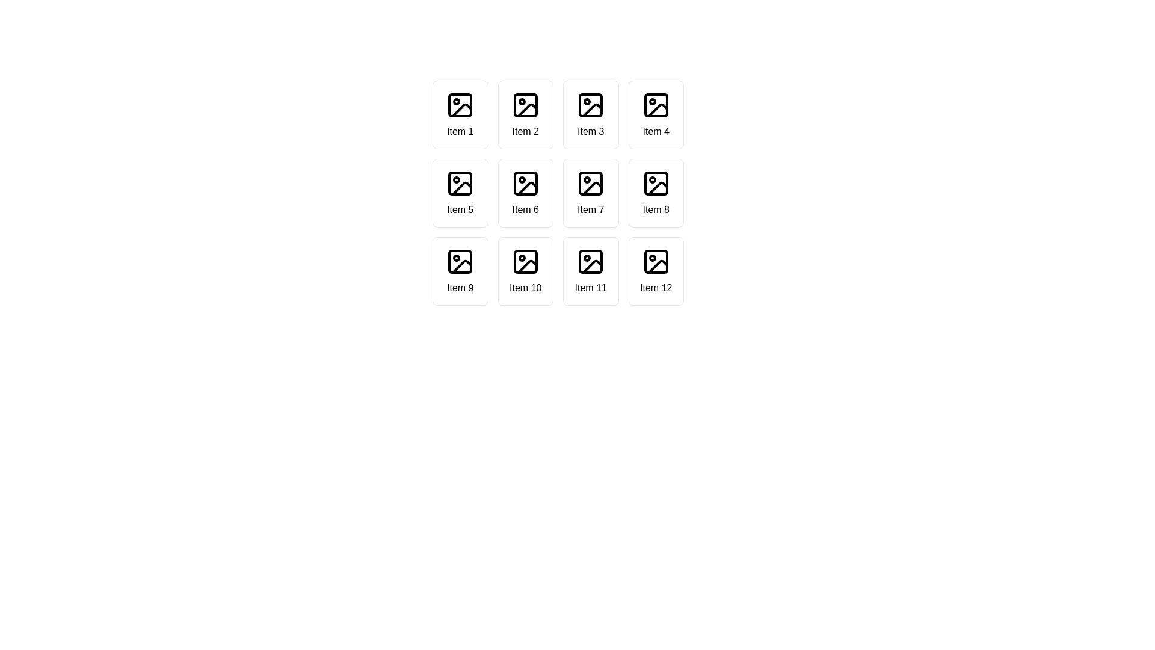  Describe the element at coordinates (461, 188) in the screenshot. I see `the small triangular-shaped decorative detail within the 'Item 5' SVG icon located in the second row, first column of the grid` at that location.